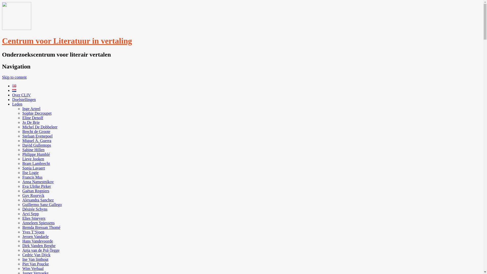 Image resolution: width=487 pixels, height=274 pixels. Describe the element at coordinates (24, 99) in the screenshot. I see `'Doelstellingen'` at that location.